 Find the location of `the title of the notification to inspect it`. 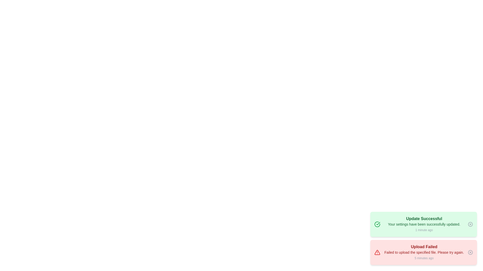

the title of the notification to inspect it is located at coordinates (424, 218).